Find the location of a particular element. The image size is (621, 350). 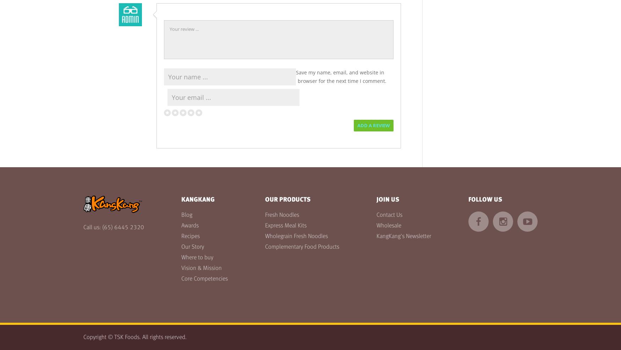

'Express Meal Kits' is located at coordinates (265, 225).